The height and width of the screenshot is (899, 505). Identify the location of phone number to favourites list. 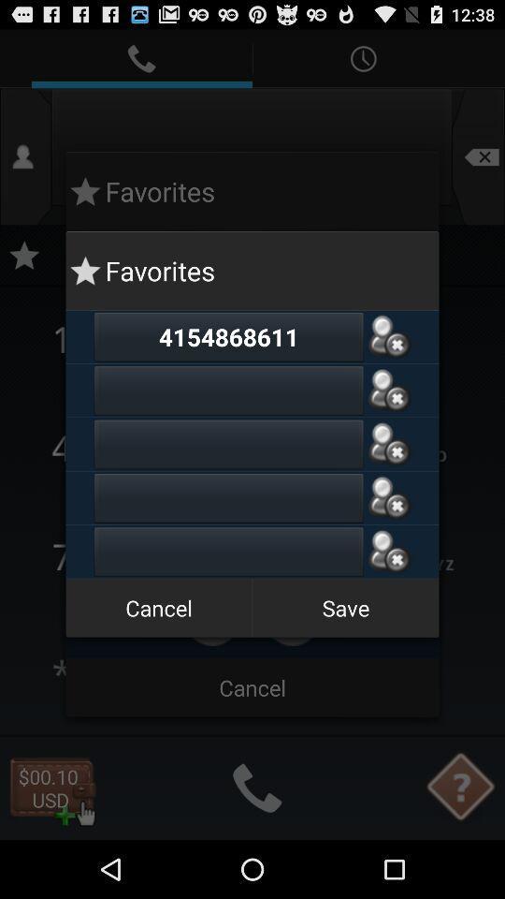
(388, 390).